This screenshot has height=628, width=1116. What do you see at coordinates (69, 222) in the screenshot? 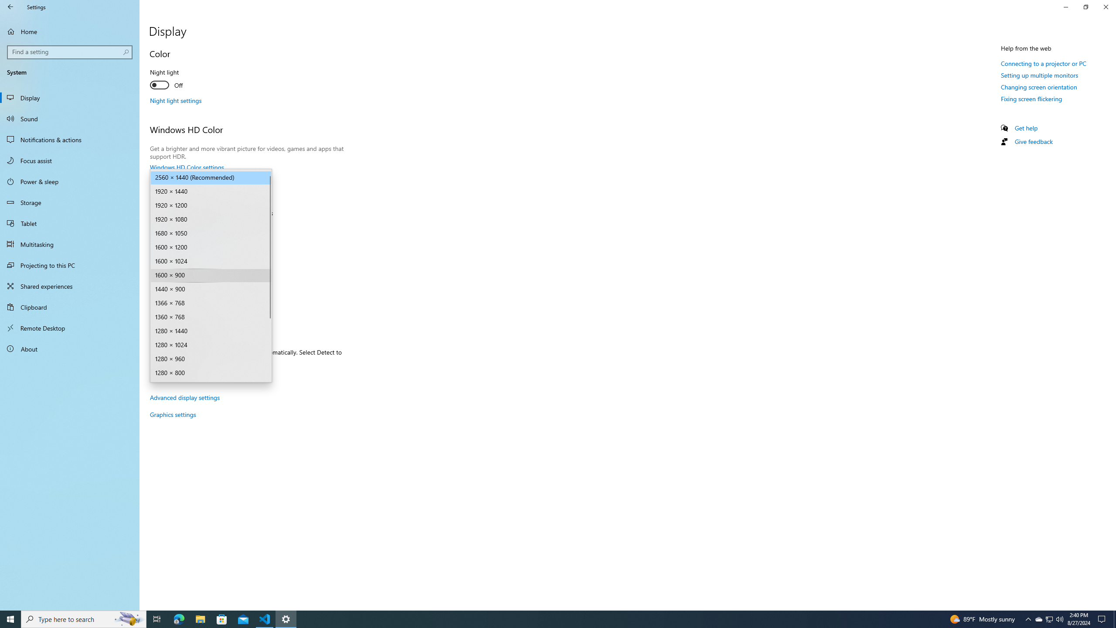
I see `'Tablet'` at bounding box center [69, 222].